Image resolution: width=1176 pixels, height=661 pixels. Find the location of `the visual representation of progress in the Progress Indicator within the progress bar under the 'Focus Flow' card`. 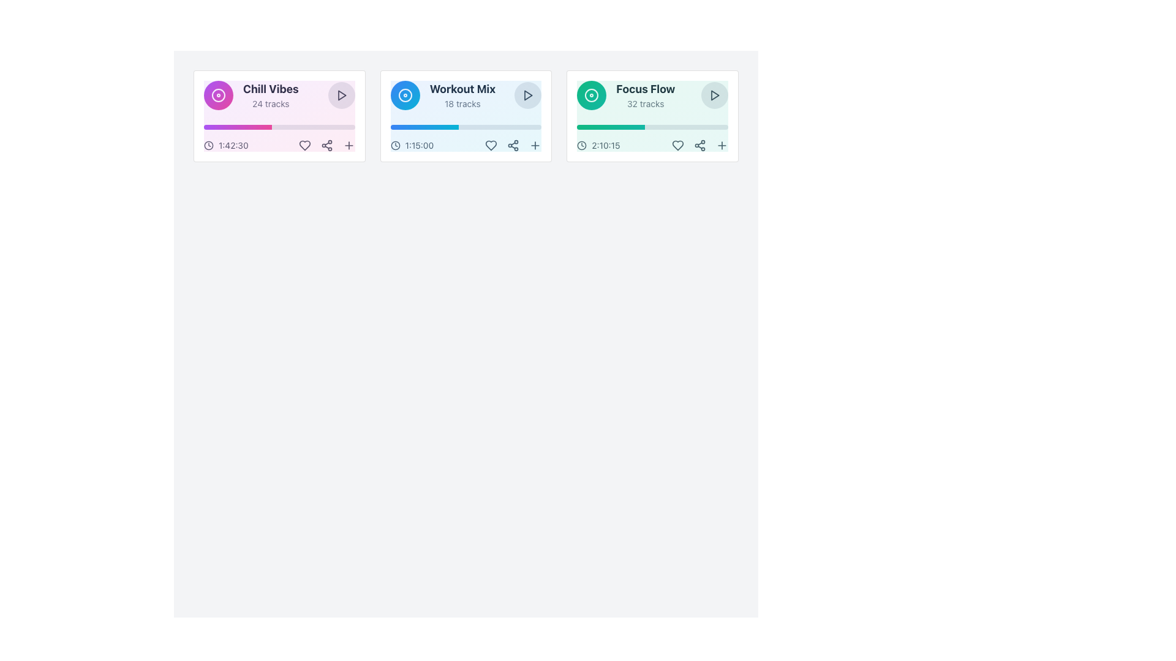

the visual representation of progress in the Progress Indicator within the progress bar under the 'Focus Flow' card is located at coordinates (611, 127).